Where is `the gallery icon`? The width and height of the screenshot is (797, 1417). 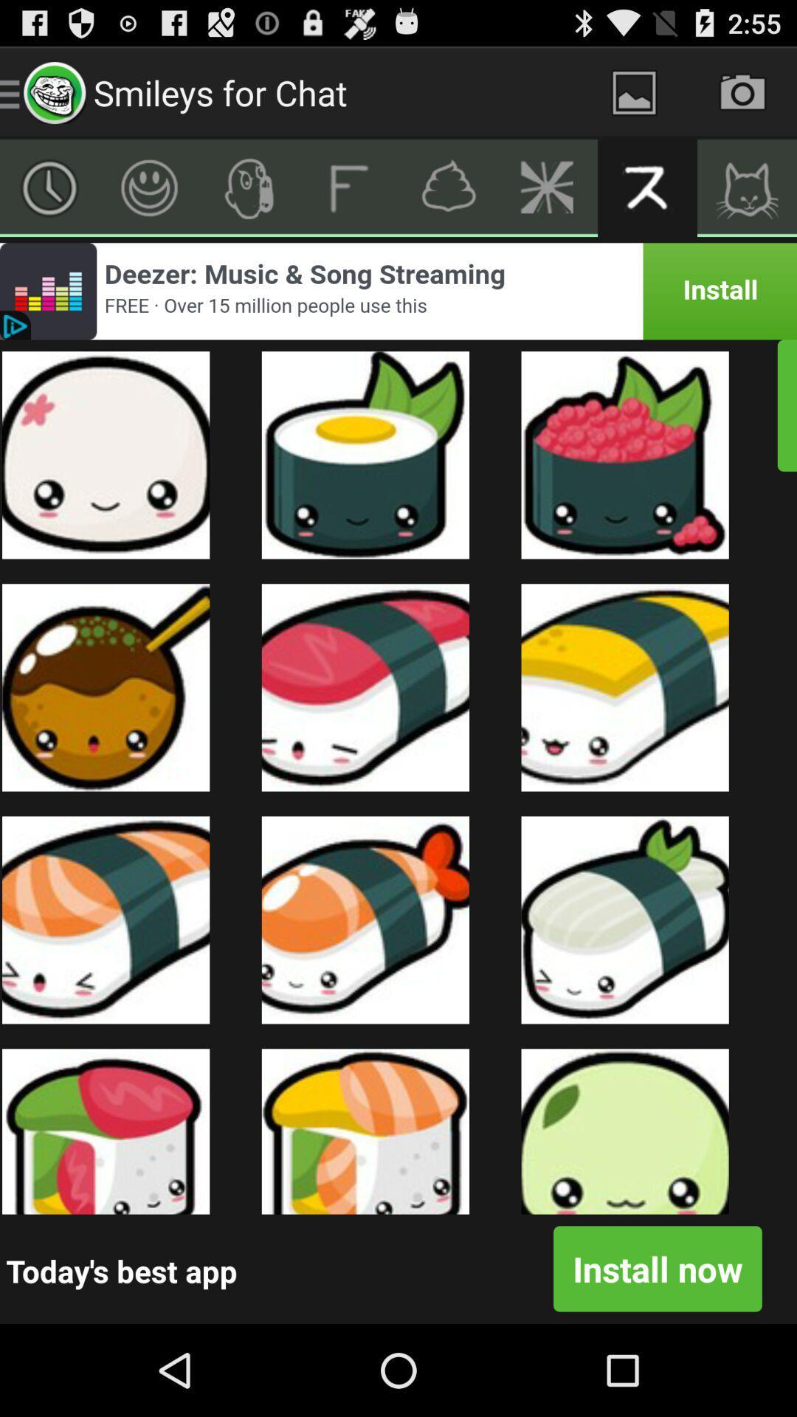
the gallery icon is located at coordinates (633, 92).